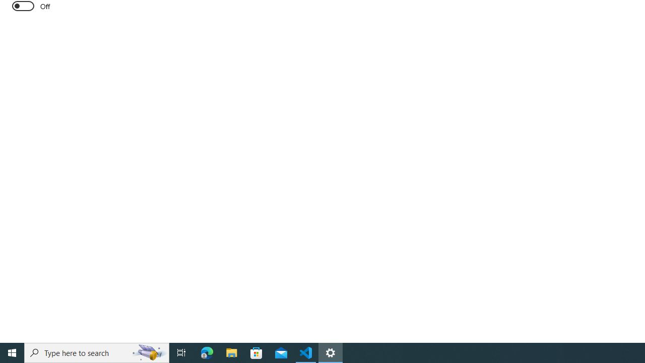  Describe the element at coordinates (331, 352) in the screenshot. I see `'Settings - 1 running window'` at that location.